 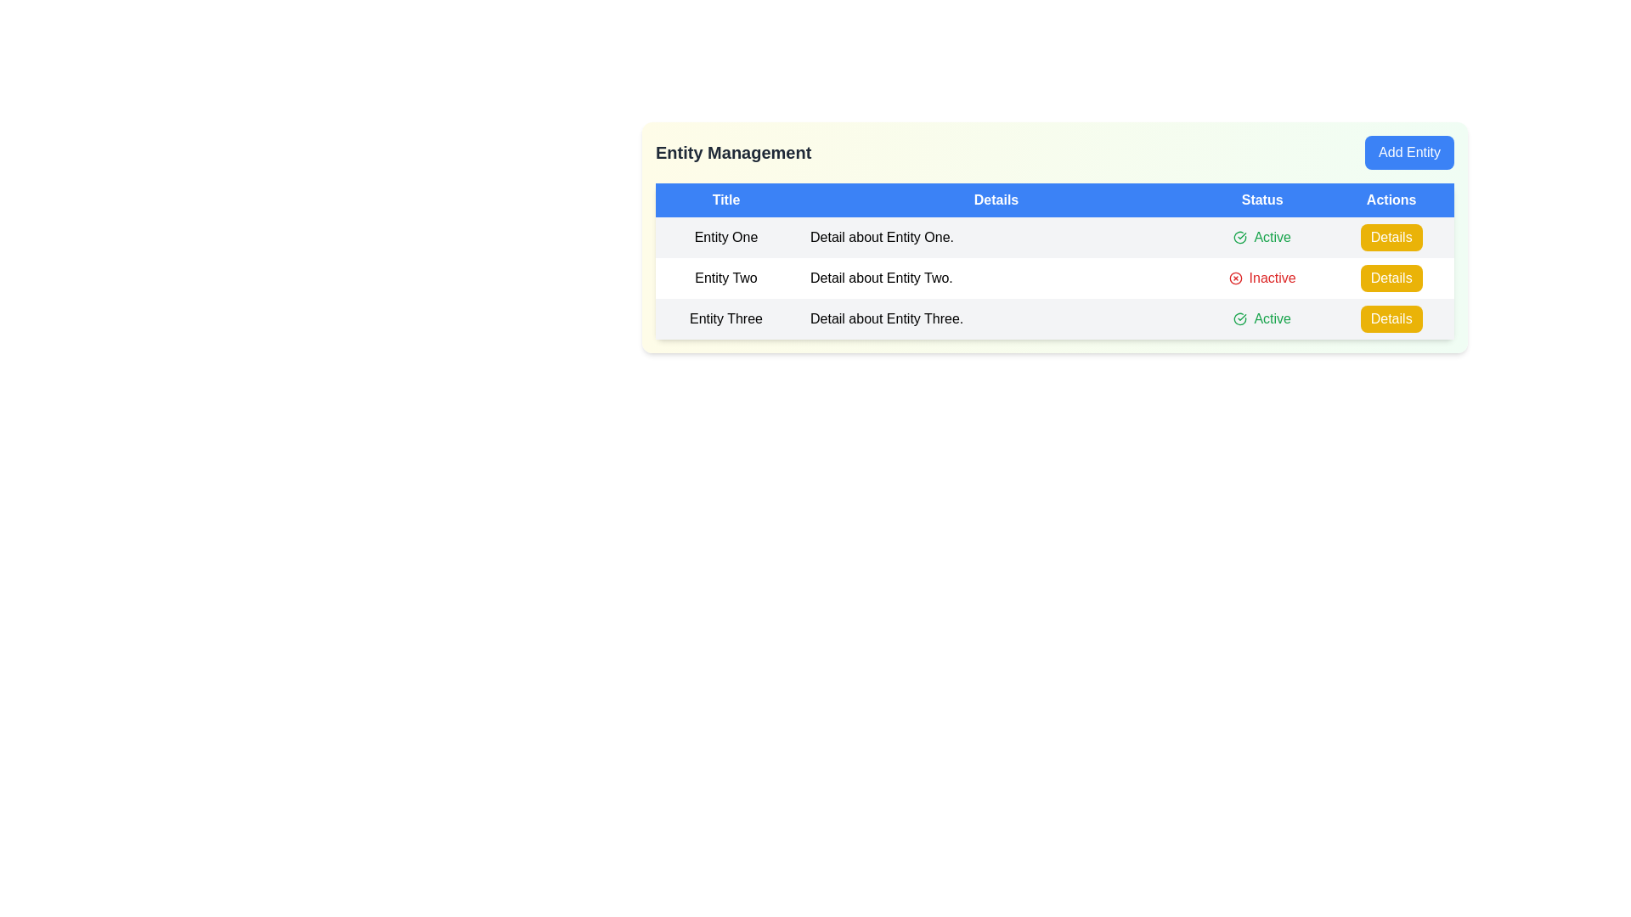 I want to click on the Status indicator which displays the text 'Active' in green font along with a circular icon featuring a green check mark, positioned in the third row under the 'Status' column, so click(x=1262, y=318).